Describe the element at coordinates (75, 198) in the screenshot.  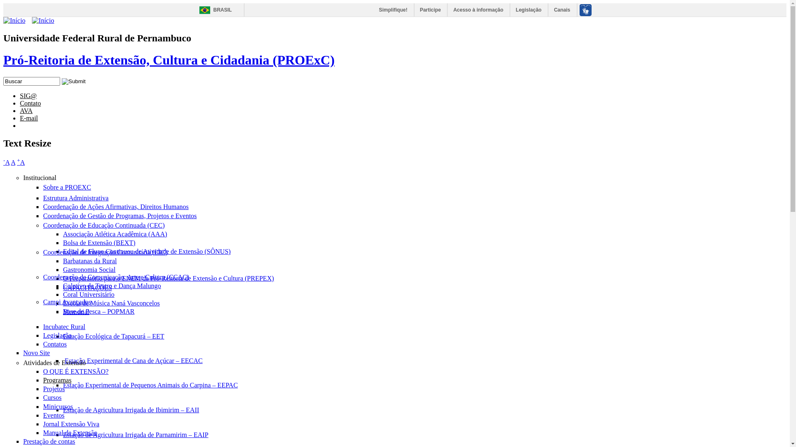
I see `'Estrutura Administrativa'` at that location.